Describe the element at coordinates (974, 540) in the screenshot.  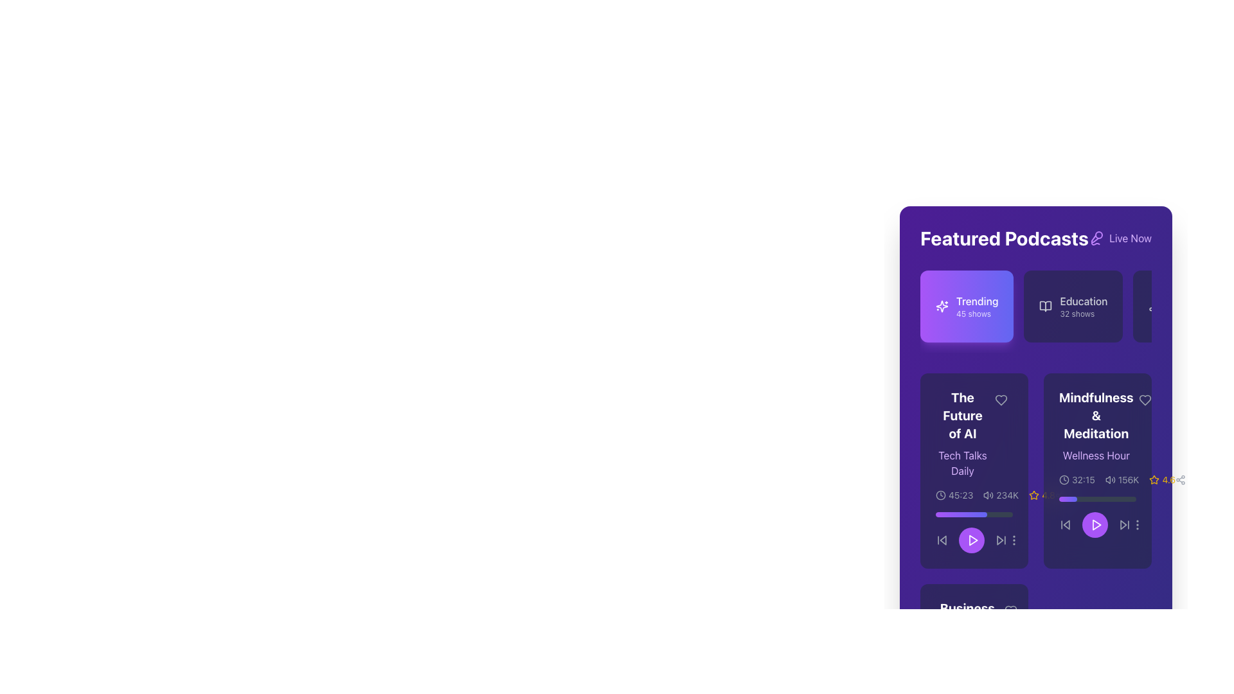
I see `the circular button with a purple background and white triangular play icon, located centrally in the row of playback control buttons beneath the title 'The Future of AI'` at that location.